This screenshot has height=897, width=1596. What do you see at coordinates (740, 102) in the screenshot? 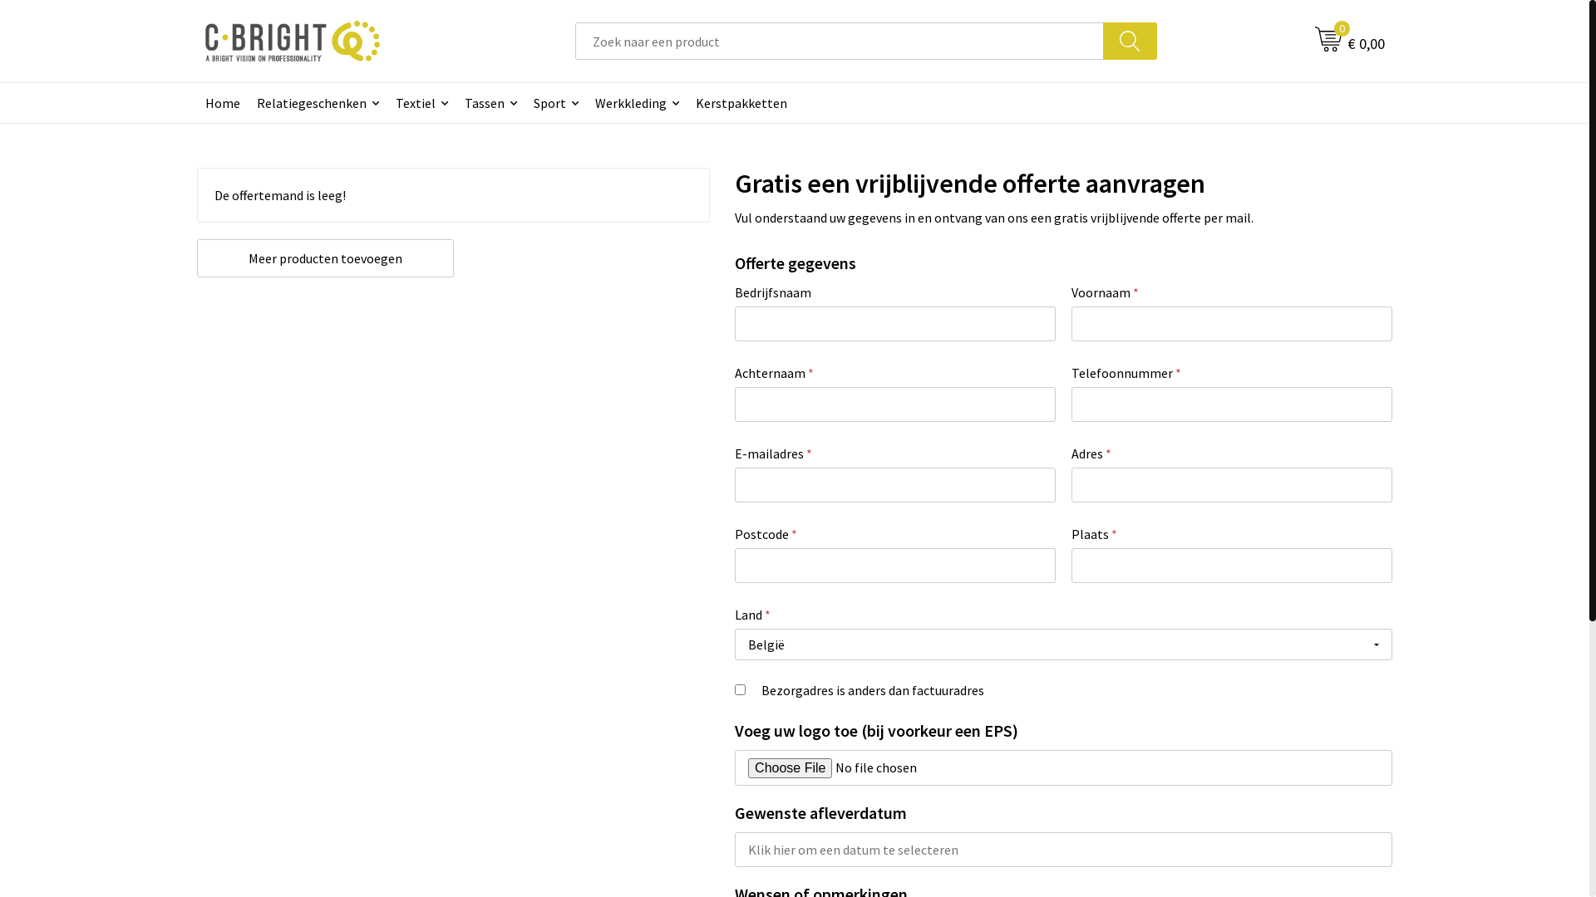
I see `'Kerstpakketten'` at bounding box center [740, 102].